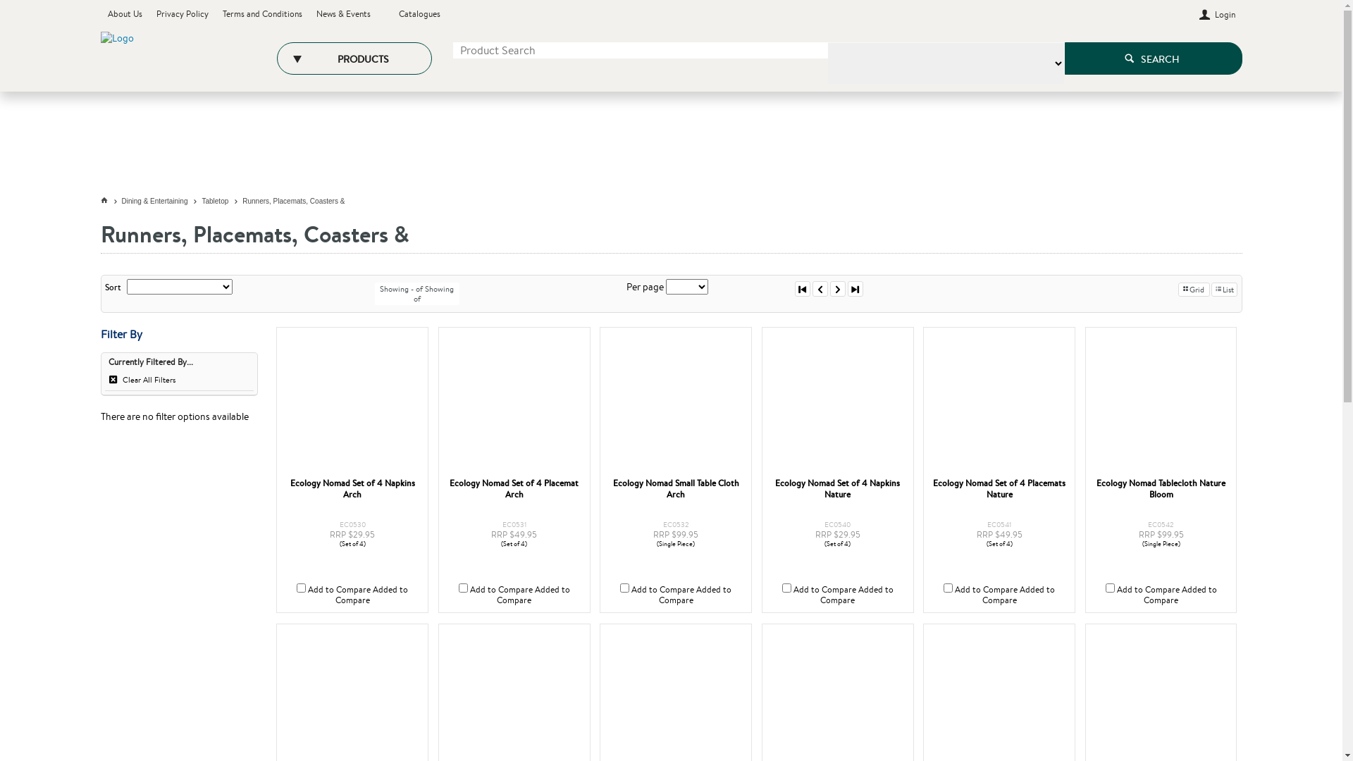 The image size is (1353, 761). I want to click on 'Add to Compare', so click(501, 589).